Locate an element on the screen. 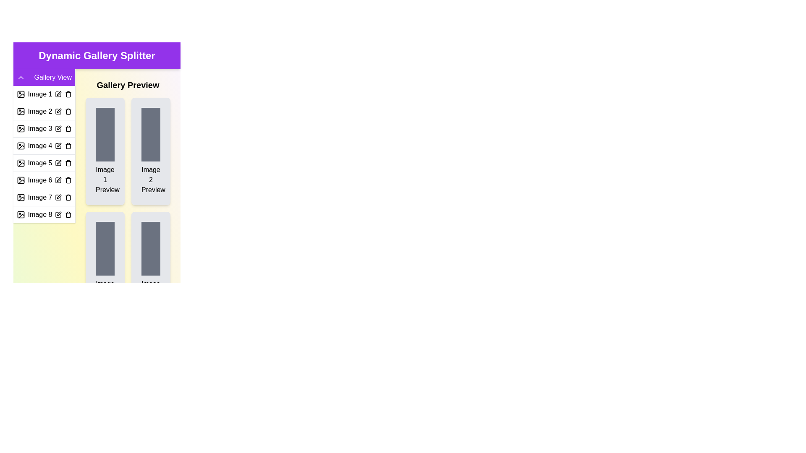  the text label 'Image 8' is located at coordinates (39, 214).